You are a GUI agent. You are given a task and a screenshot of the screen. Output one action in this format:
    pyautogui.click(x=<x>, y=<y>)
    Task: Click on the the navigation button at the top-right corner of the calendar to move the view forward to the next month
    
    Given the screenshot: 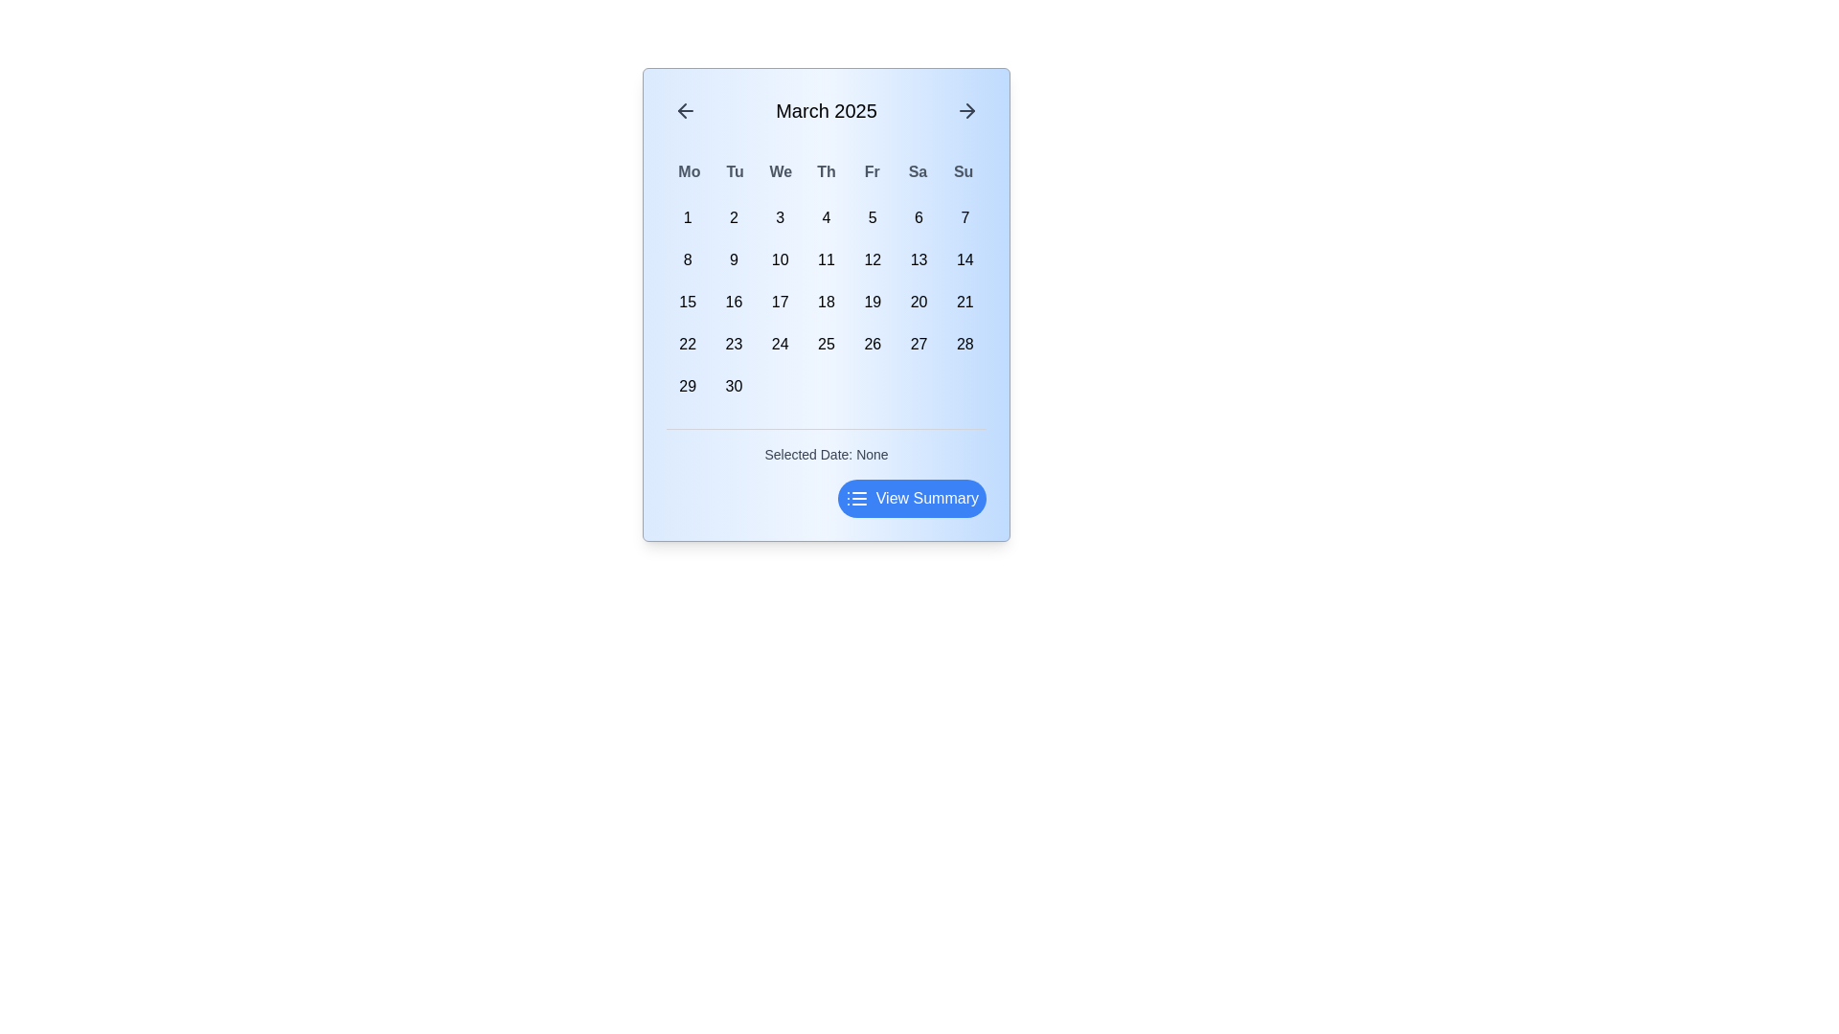 What is the action you would take?
    pyautogui.click(x=966, y=110)
    